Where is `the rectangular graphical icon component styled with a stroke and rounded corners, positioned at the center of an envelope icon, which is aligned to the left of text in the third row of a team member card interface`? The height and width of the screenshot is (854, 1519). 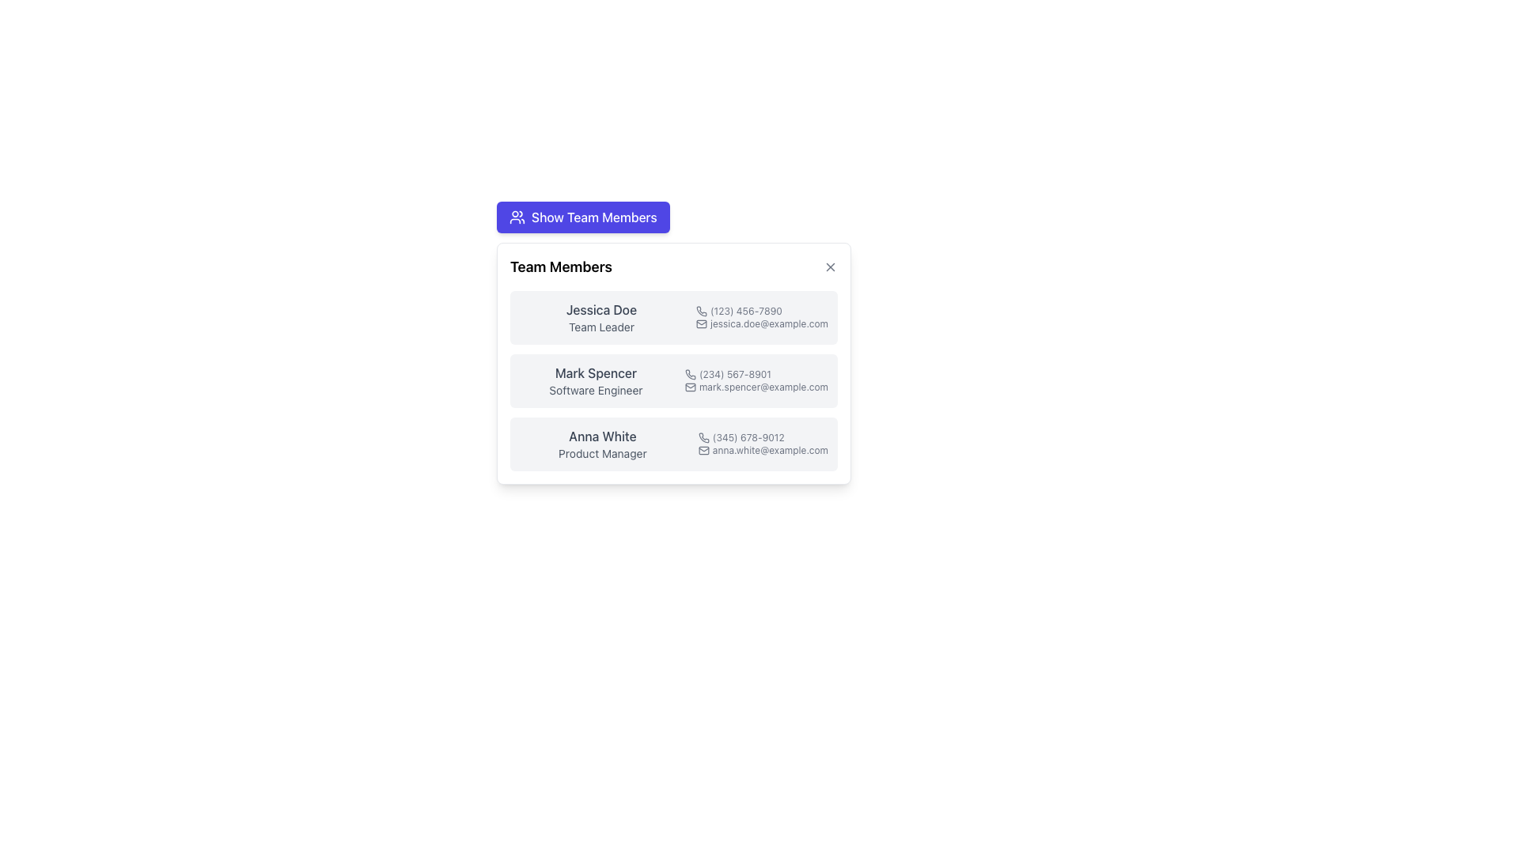 the rectangular graphical icon component styled with a stroke and rounded corners, positioned at the center of an envelope icon, which is aligned to the left of text in the third row of a team member card interface is located at coordinates (703, 451).